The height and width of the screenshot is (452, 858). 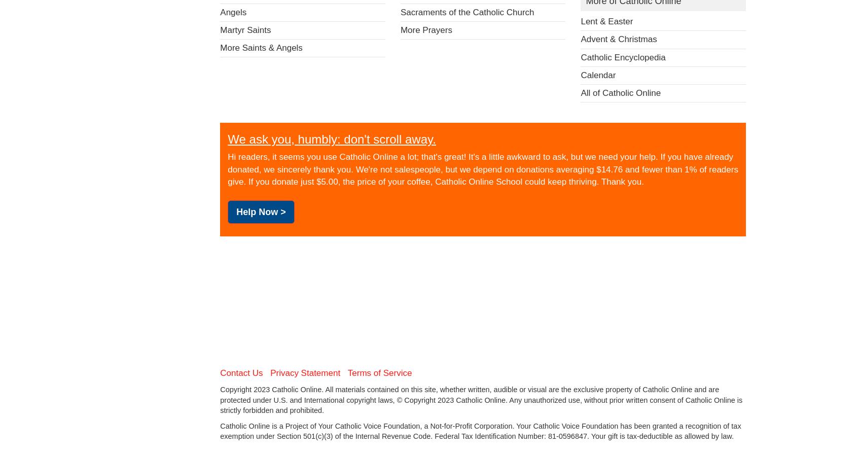 I want to click on 'More Prayers', so click(x=400, y=29).